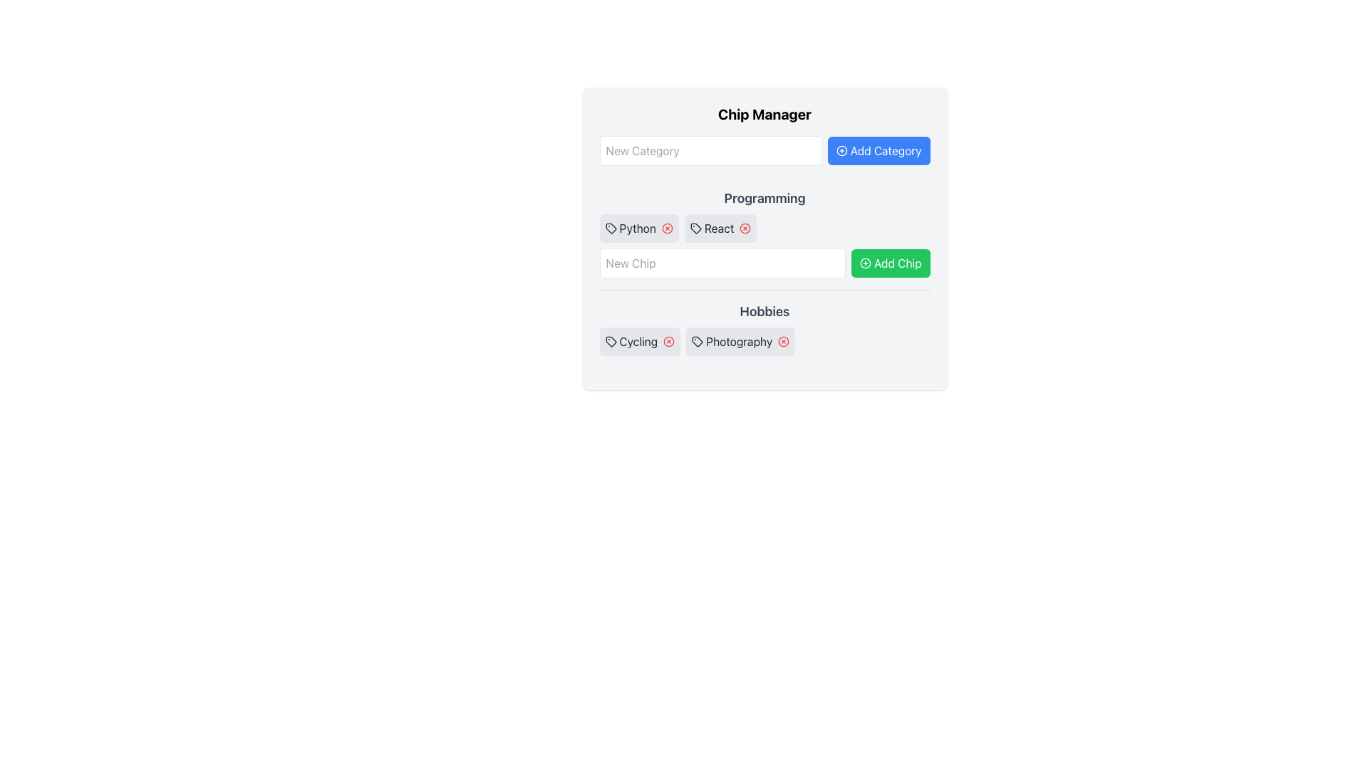 The height and width of the screenshot is (769, 1368). I want to click on the 'Add Category' button, which is a rectangular button with a blue background and white text, located to the right of the 'New Category' input field, so click(878, 151).